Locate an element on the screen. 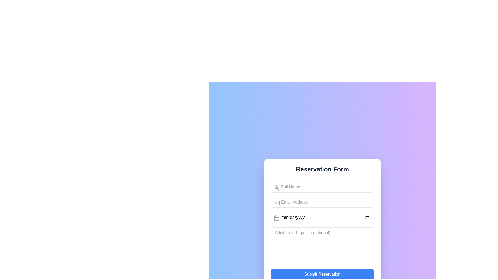 This screenshot has width=498, height=280. the textarea located below the full name, email address, and date input fields to focus on it for typing additional information or special requests related to the reservation is located at coordinates (322, 245).